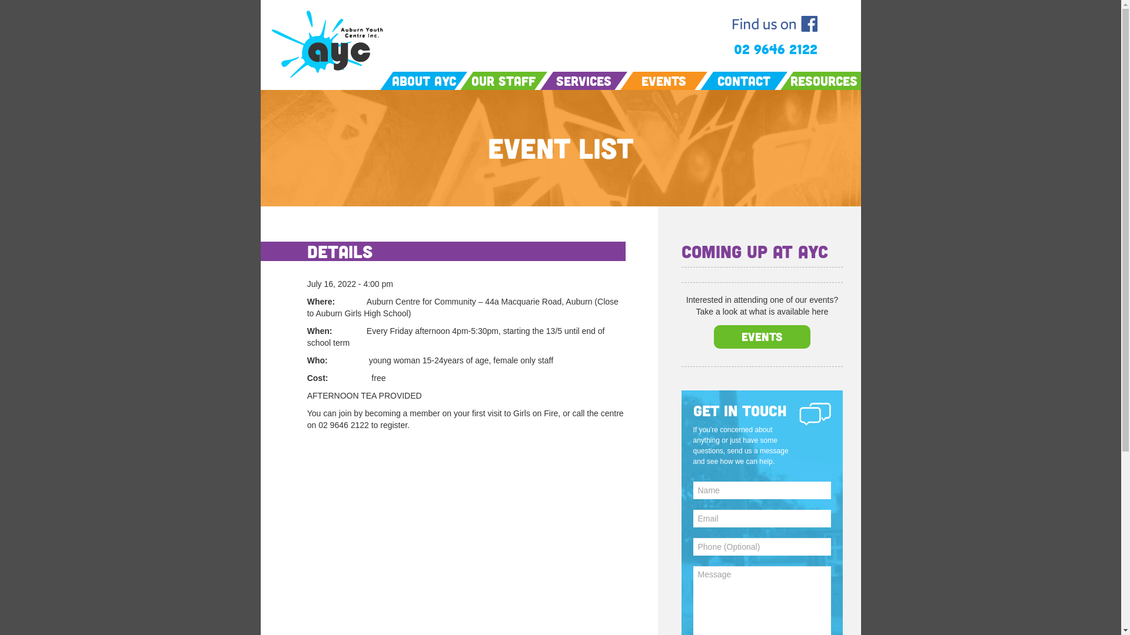 Image resolution: width=1130 pixels, height=635 pixels. Describe the element at coordinates (822, 80) in the screenshot. I see `'Resources'` at that location.